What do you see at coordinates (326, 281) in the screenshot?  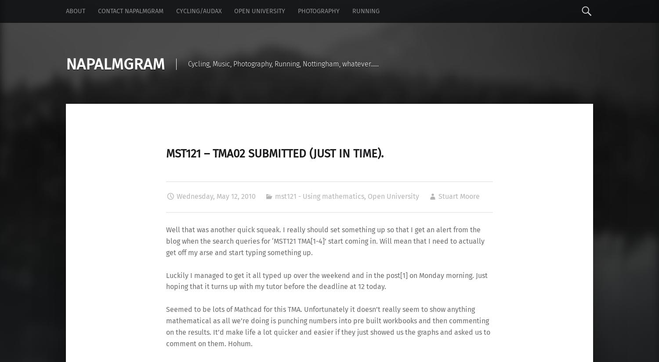 I see `'Luckily I managed to get it all typed up over the weekend and in the post[1] on Monday morning. Just hoping that it turns up with my tutor before the deadline at 12 today.'` at bounding box center [326, 281].